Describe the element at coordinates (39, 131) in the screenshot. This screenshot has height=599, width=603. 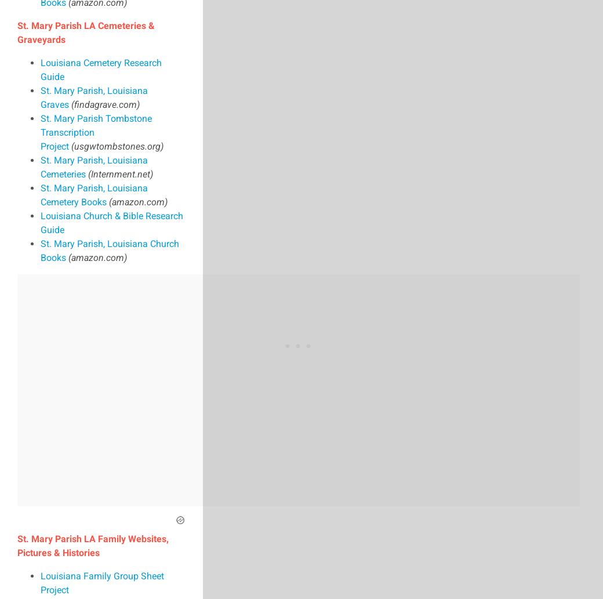
I see `'St. Mary Parish Tombstone Transcription Project'` at that location.